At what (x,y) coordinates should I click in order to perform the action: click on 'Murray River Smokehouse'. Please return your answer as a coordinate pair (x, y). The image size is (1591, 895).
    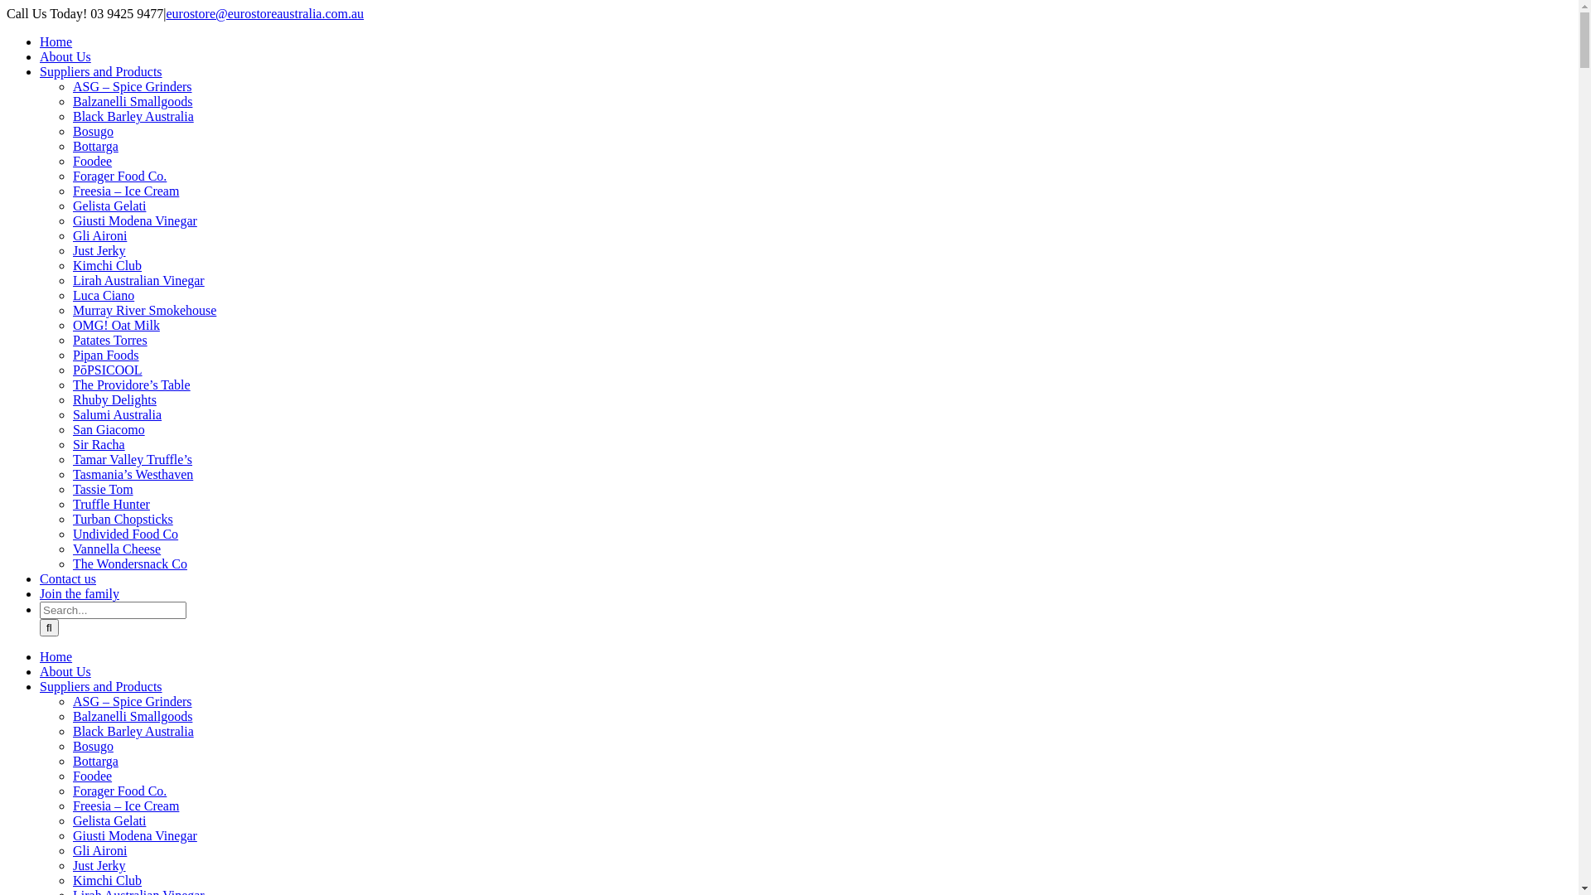
    Looking at the image, I should click on (71, 310).